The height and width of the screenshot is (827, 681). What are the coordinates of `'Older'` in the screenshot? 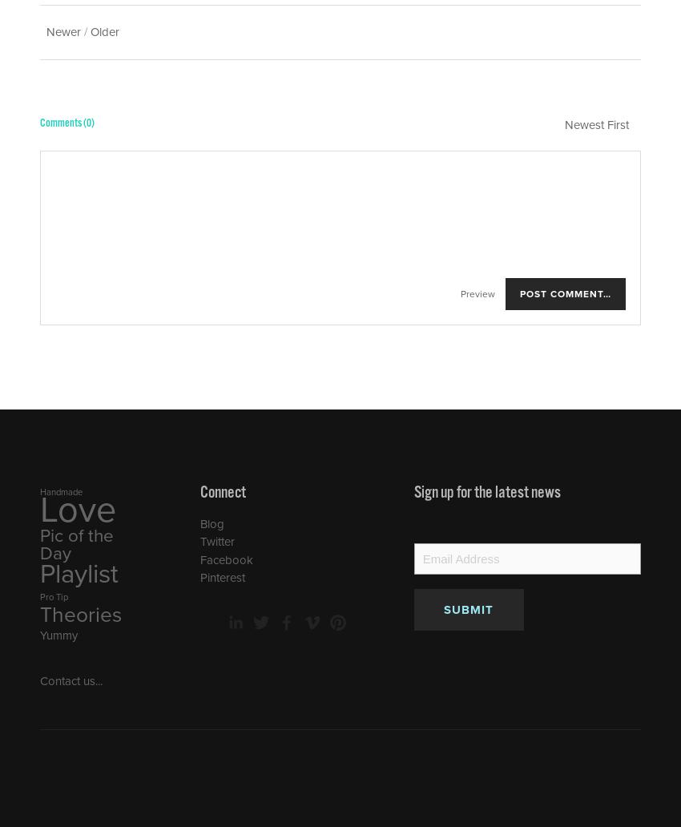 It's located at (103, 32).